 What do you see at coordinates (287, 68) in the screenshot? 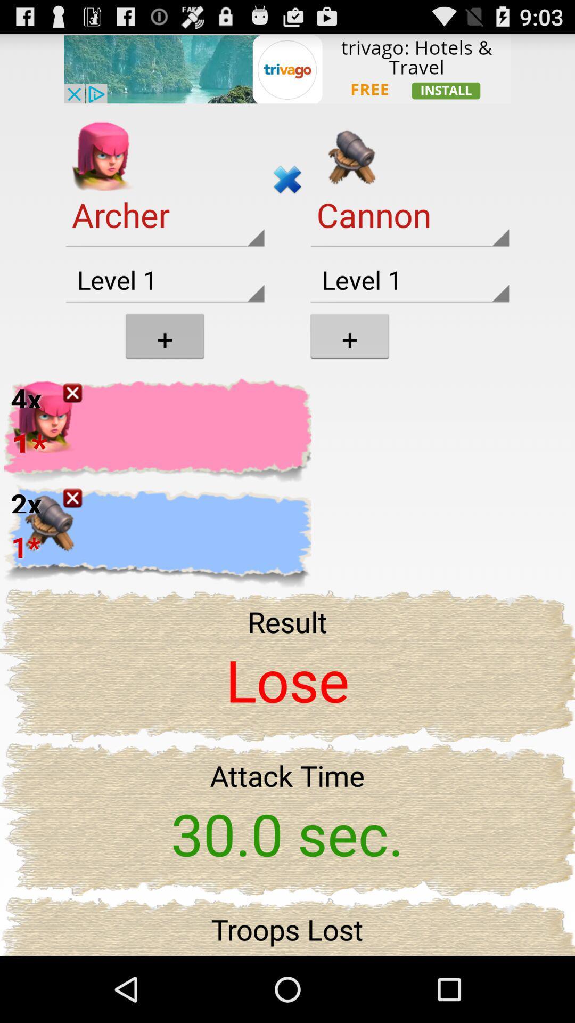
I see `the trivago website` at bounding box center [287, 68].